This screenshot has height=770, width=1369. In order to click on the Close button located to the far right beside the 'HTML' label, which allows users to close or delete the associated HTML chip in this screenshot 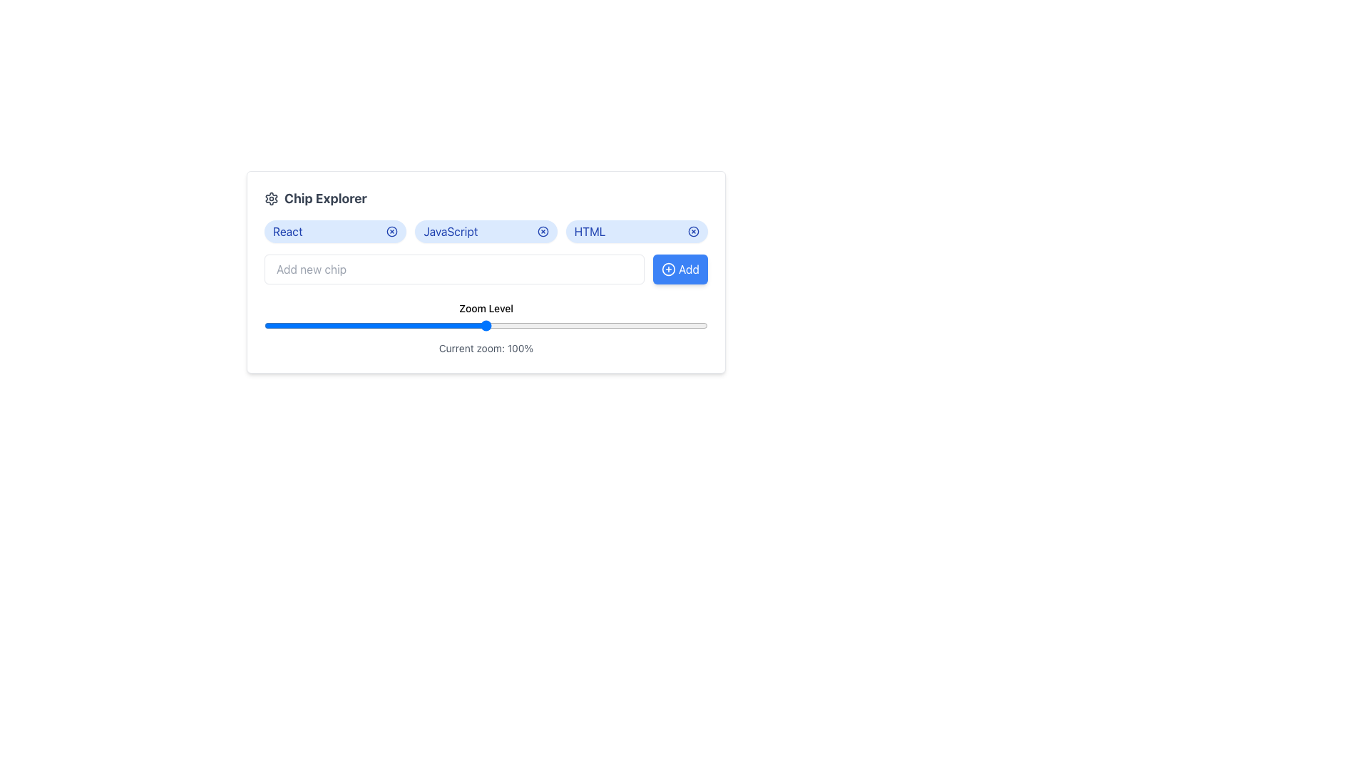, I will do `click(694, 230)`.